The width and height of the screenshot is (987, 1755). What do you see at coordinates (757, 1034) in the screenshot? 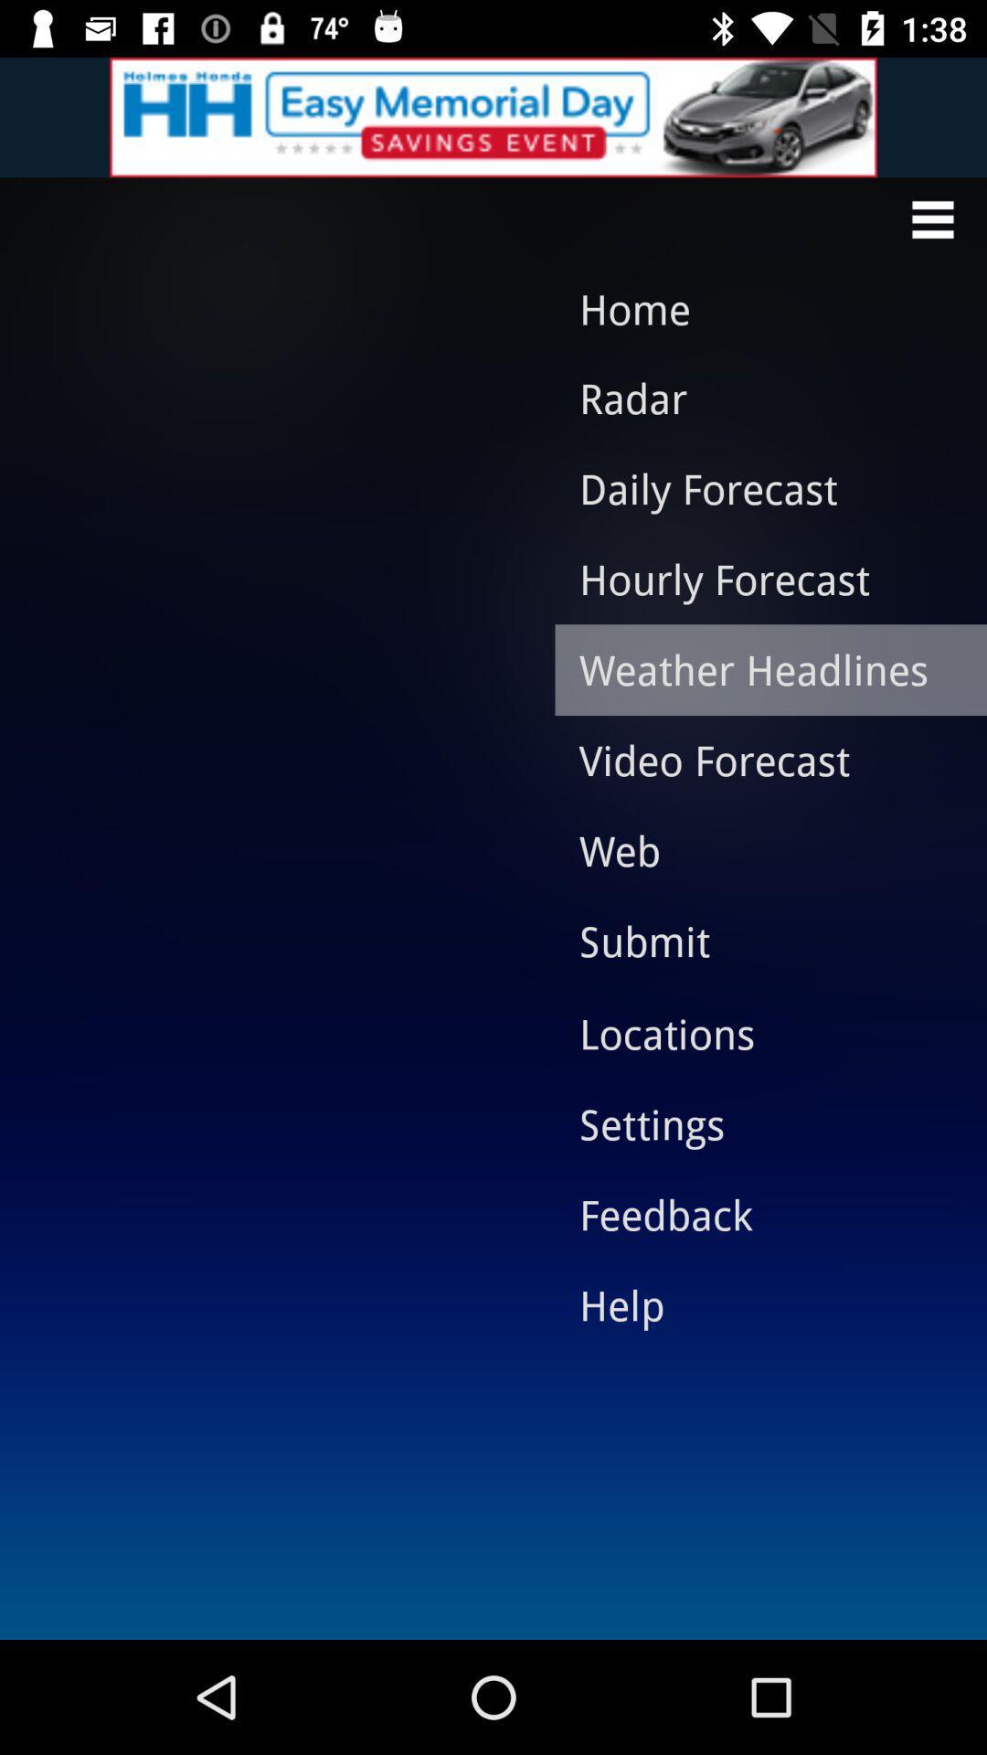
I see `item above the settings` at bounding box center [757, 1034].